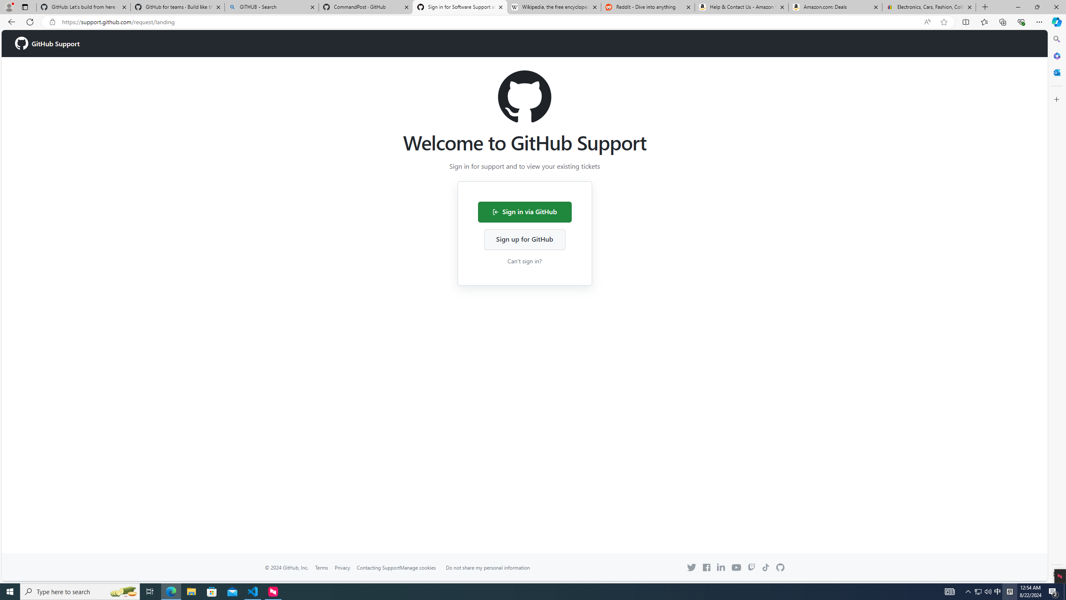  I want to click on 'Electronics, Cars, Fashion, Collectibles & More | eBay', so click(929, 7).